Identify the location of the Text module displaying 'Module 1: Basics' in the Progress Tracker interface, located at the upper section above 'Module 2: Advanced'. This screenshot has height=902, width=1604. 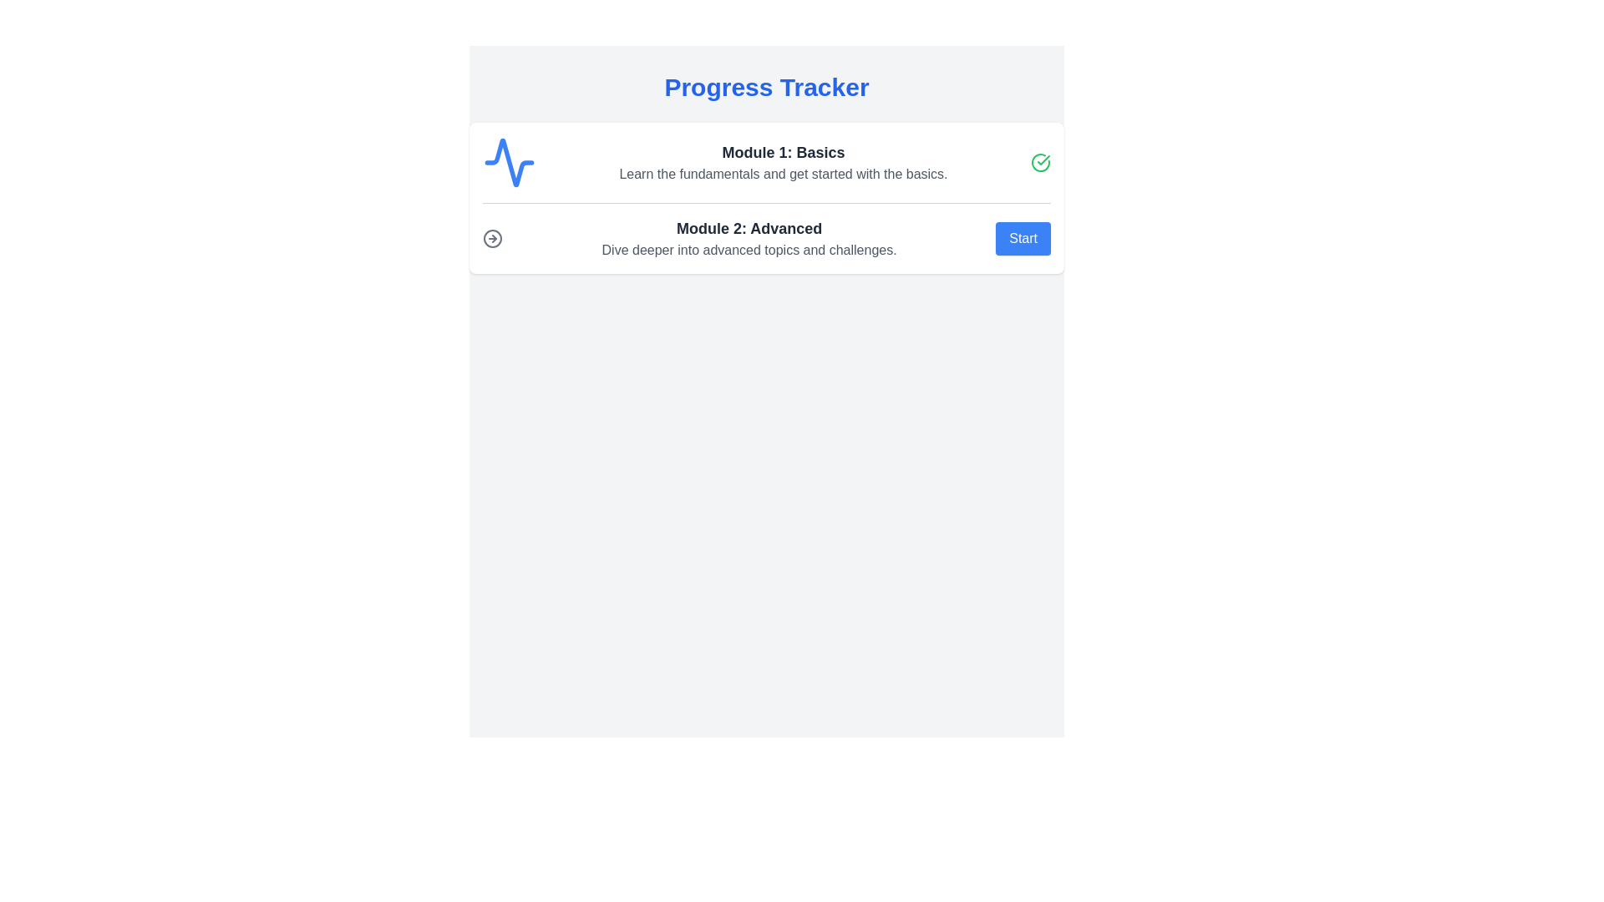
(765, 163).